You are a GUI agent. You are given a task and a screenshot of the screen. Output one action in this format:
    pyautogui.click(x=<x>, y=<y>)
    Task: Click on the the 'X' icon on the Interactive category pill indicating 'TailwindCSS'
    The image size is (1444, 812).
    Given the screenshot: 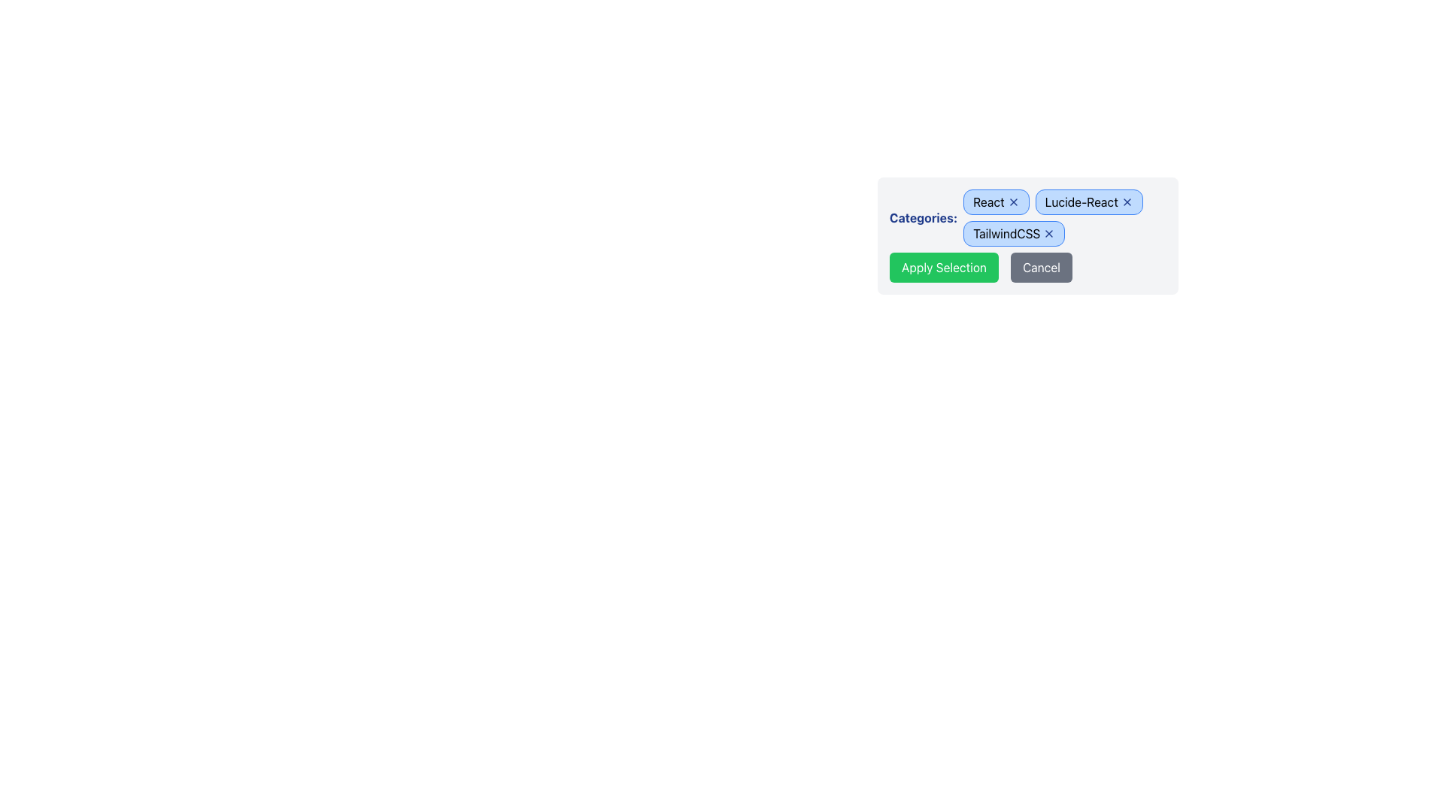 What is the action you would take?
    pyautogui.click(x=1014, y=234)
    